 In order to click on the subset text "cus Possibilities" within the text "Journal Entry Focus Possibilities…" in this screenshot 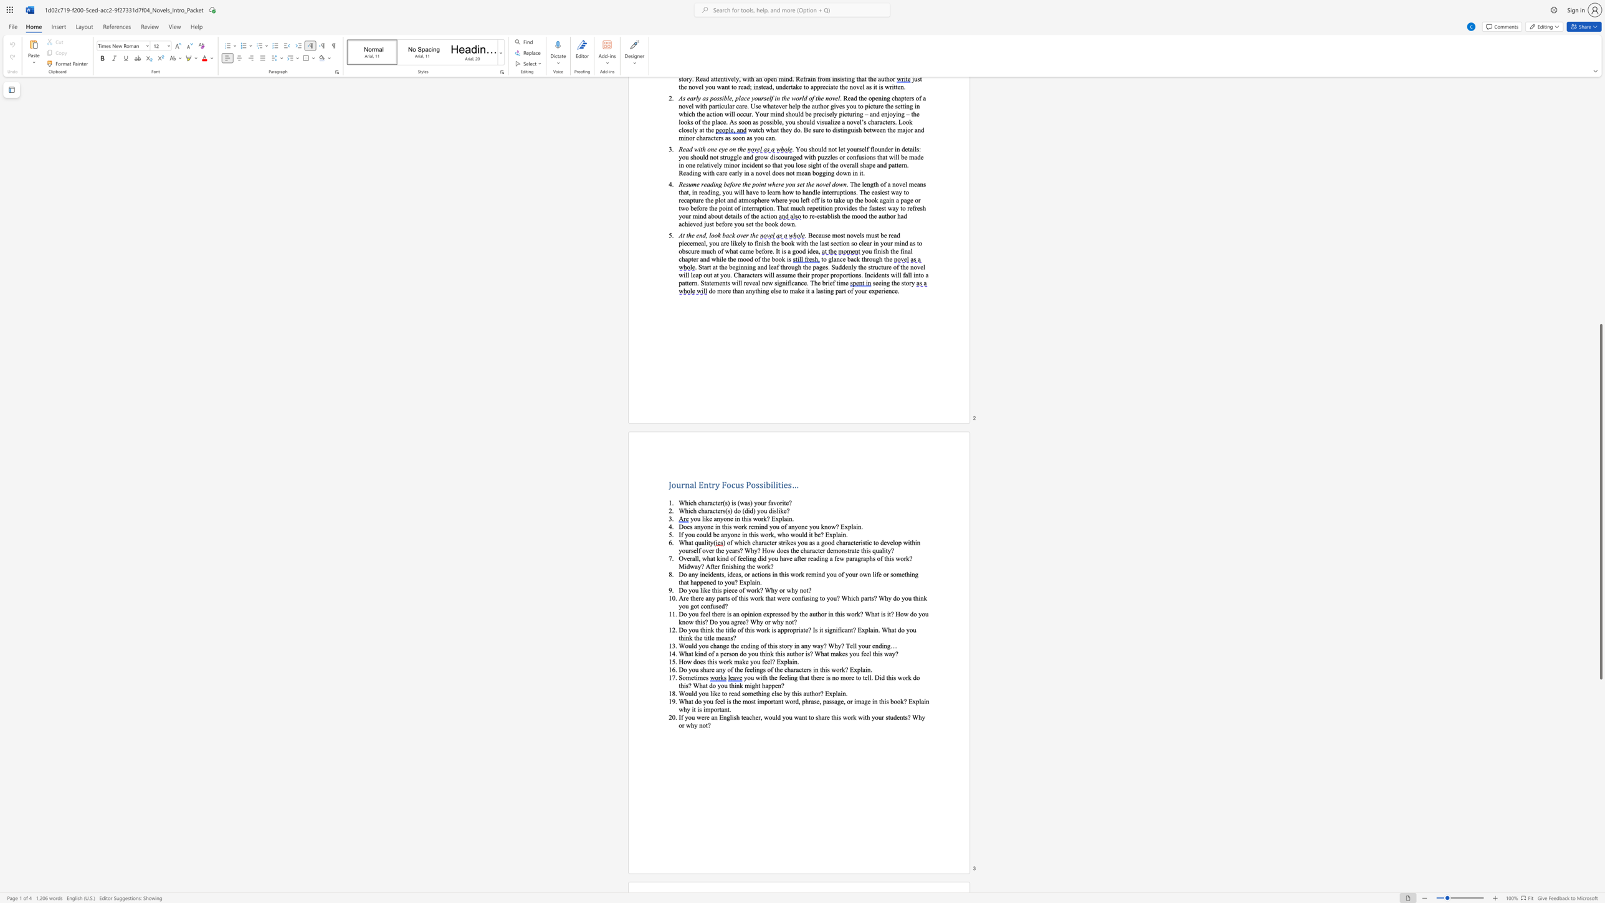, I will do `click(730, 484)`.